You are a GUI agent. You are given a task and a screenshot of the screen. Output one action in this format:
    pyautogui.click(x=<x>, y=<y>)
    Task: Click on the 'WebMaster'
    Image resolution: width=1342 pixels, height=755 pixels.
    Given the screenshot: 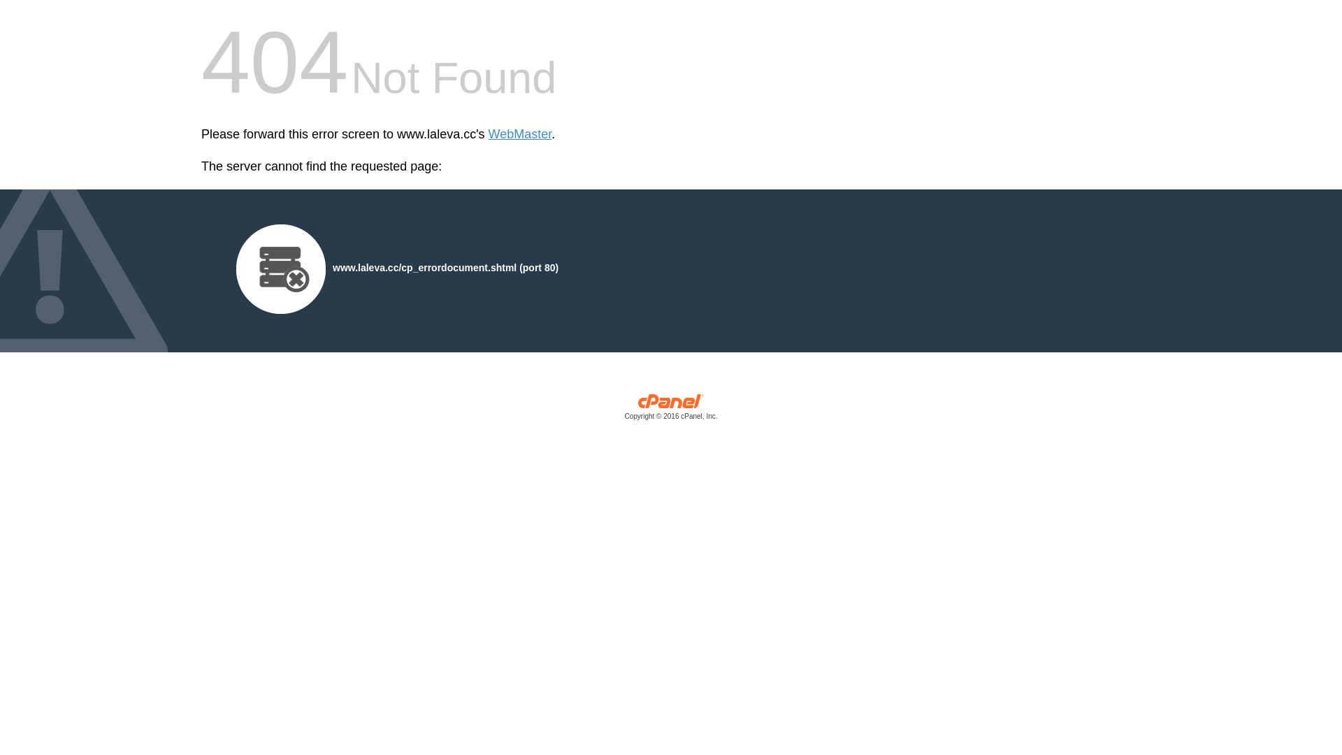 What is the action you would take?
    pyautogui.click(x=489, y=134)
    